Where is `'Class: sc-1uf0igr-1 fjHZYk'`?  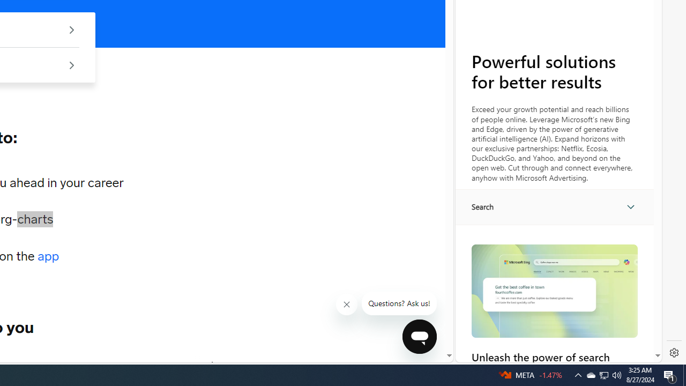
'Class: sc-1uf0igr-1 fjHZYk' is located at coordinates (347, 305).